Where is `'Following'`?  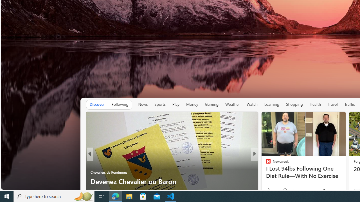
'Following' is located at coordinates (120, 104).